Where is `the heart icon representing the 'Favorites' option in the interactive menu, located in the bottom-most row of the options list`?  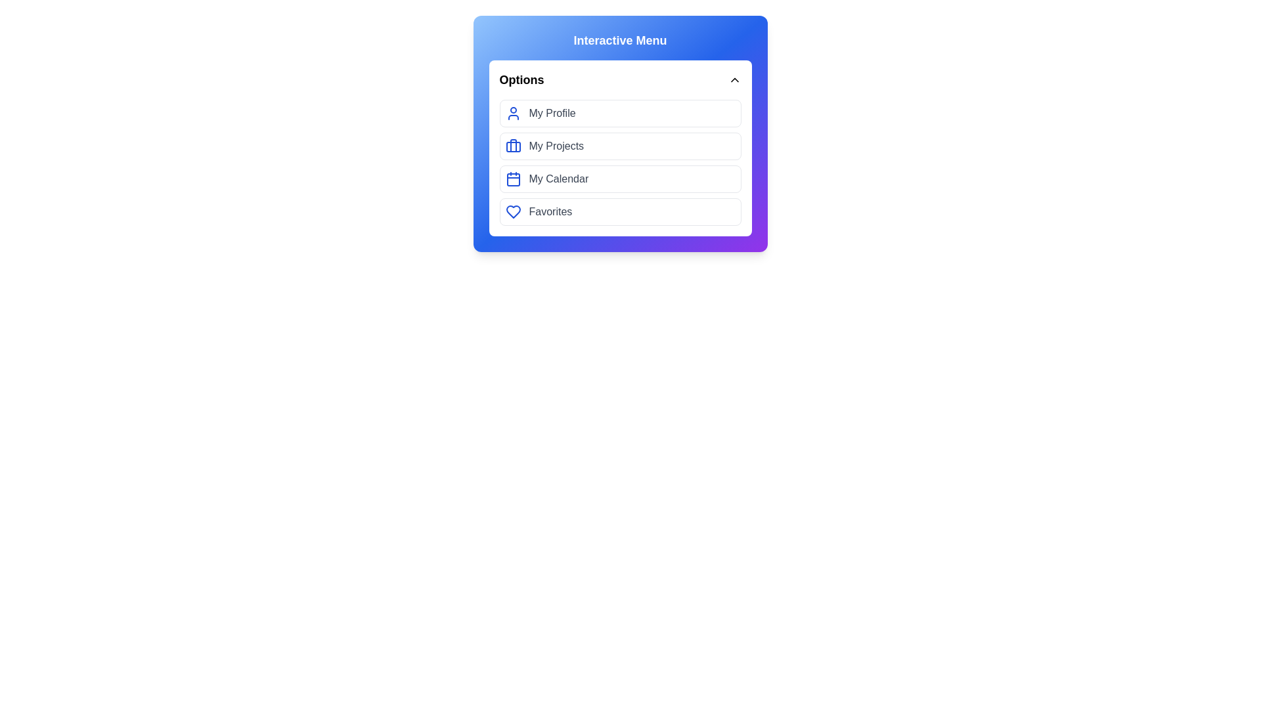
the heart icon representing the 'Favorites' option in the interactive menu, located in the bottom-most row of the options list is located at coordinates (512, 211).